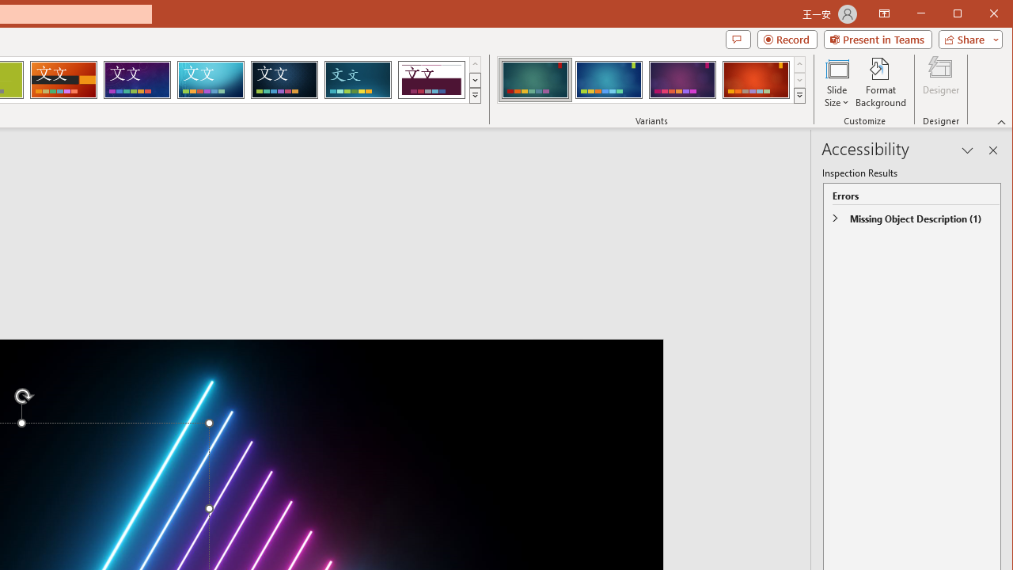 The width and height of the screenshot is (1013, 570). What do you see at coordinates (992, 150) in the screenshot?
I see `'Close pane'` at bounding box center [992, 150].